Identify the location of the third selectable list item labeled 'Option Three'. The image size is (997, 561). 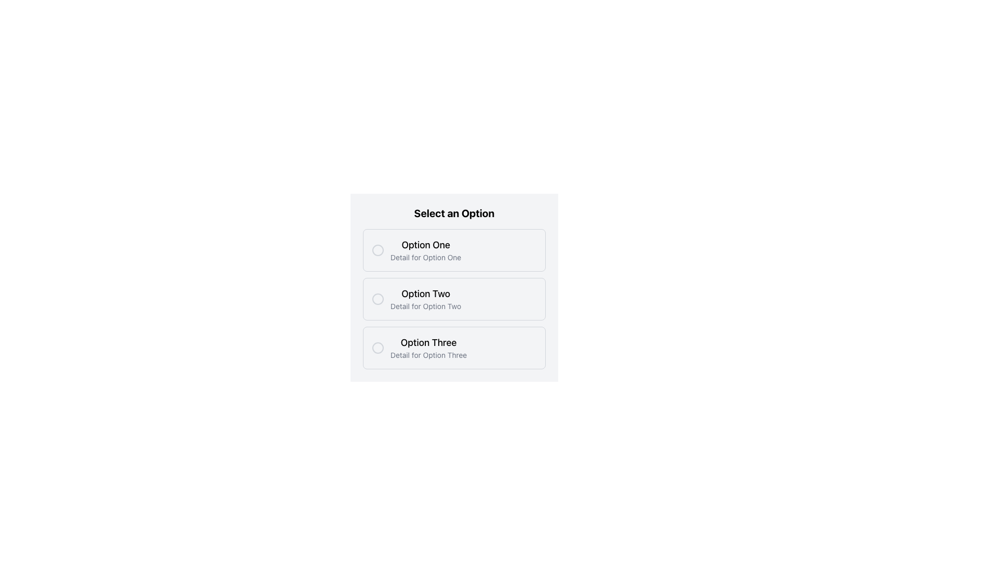
(454, 348).